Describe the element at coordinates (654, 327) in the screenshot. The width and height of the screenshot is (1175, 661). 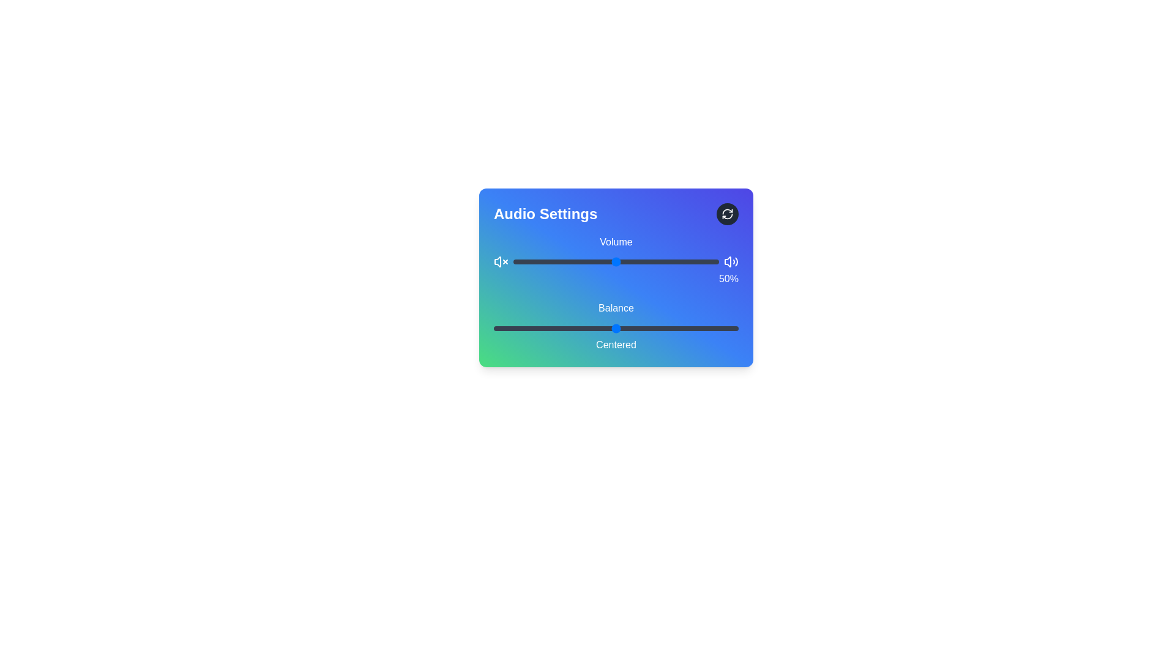
I see `the balance` at that location.